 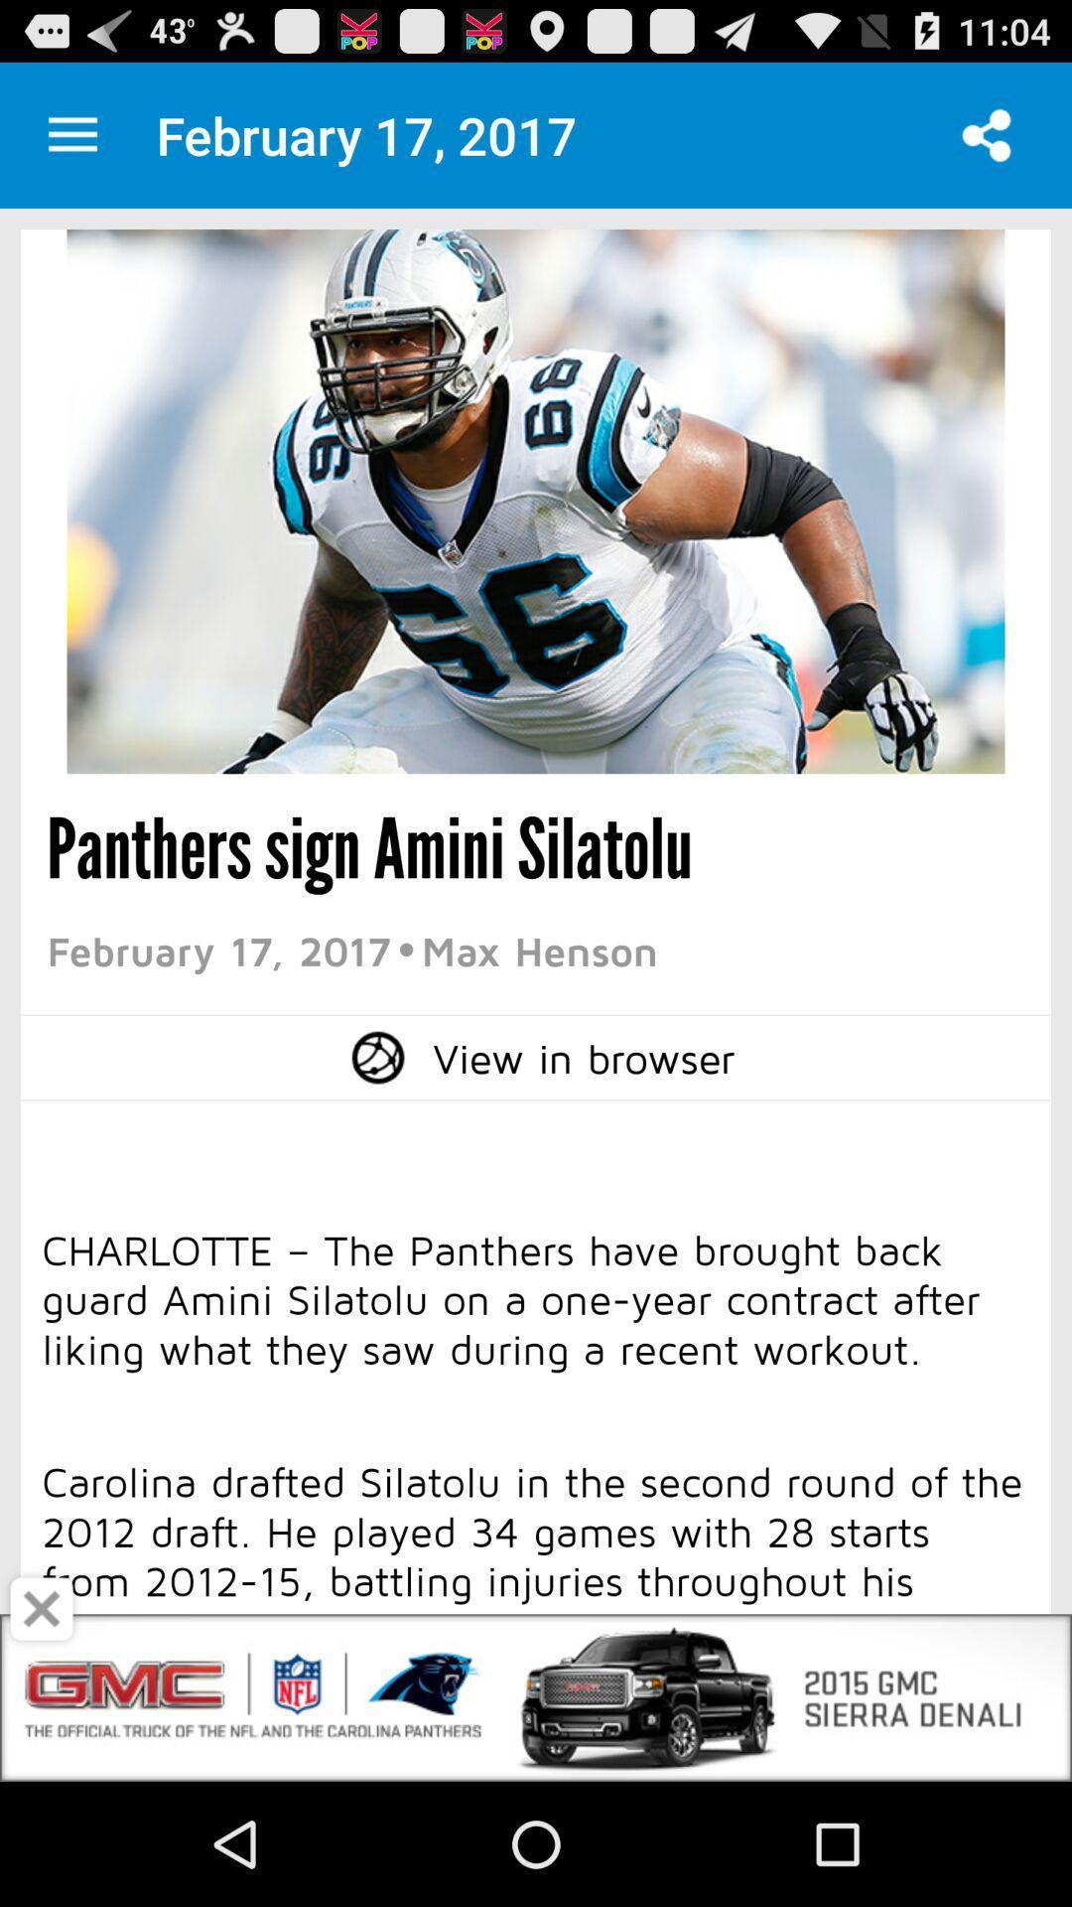 What do you see at coordinates (536, 1696) in the screenshot?
I see `advertisement logo` at bounding box center [536, 1696].